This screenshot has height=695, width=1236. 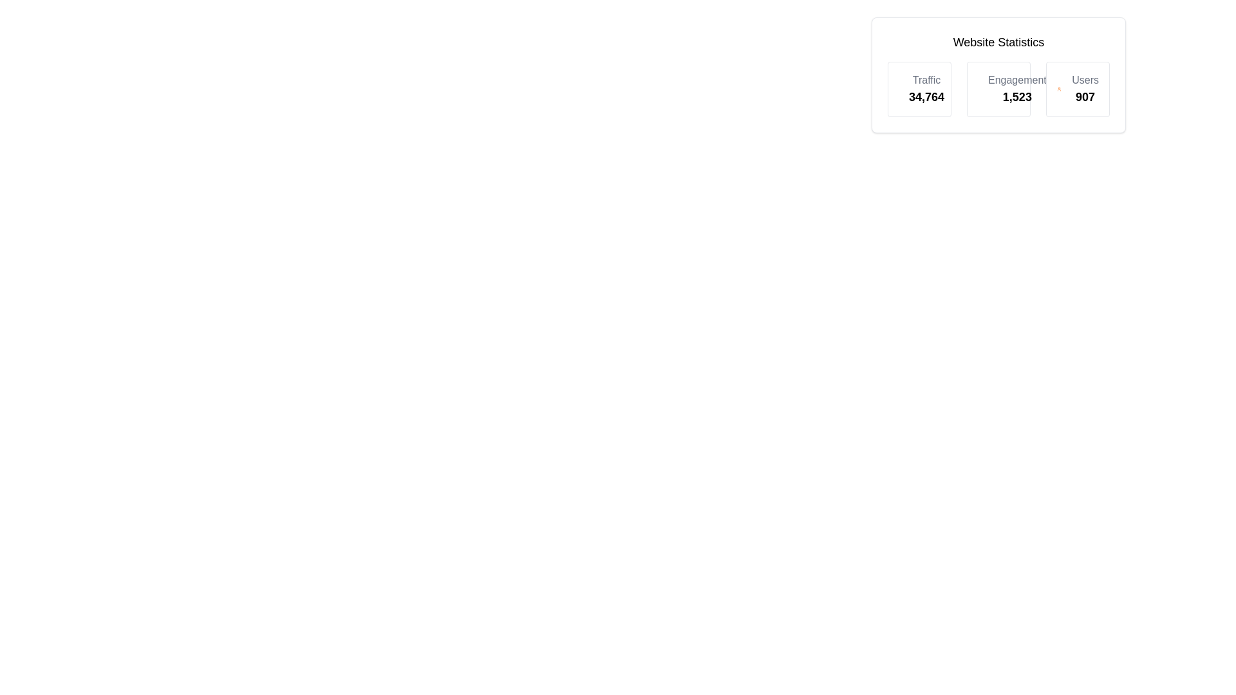 I want to click on the engagement statistic value displayed in the second column of the 'Website Statistics' grid layout, which is interactive, so click(x=998, y=88).